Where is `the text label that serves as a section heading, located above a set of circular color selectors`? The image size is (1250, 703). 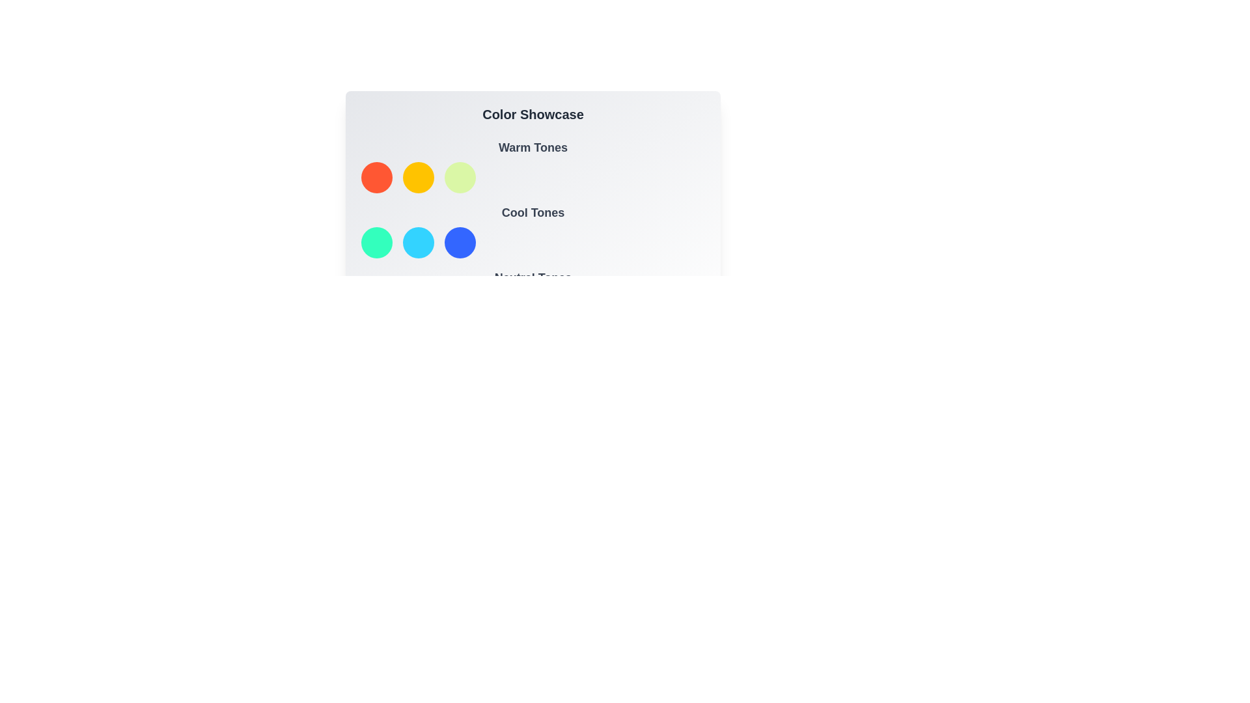 the text label that serves as a section heading, located above a set of circular color selectors is located at coordinates (533, 147).